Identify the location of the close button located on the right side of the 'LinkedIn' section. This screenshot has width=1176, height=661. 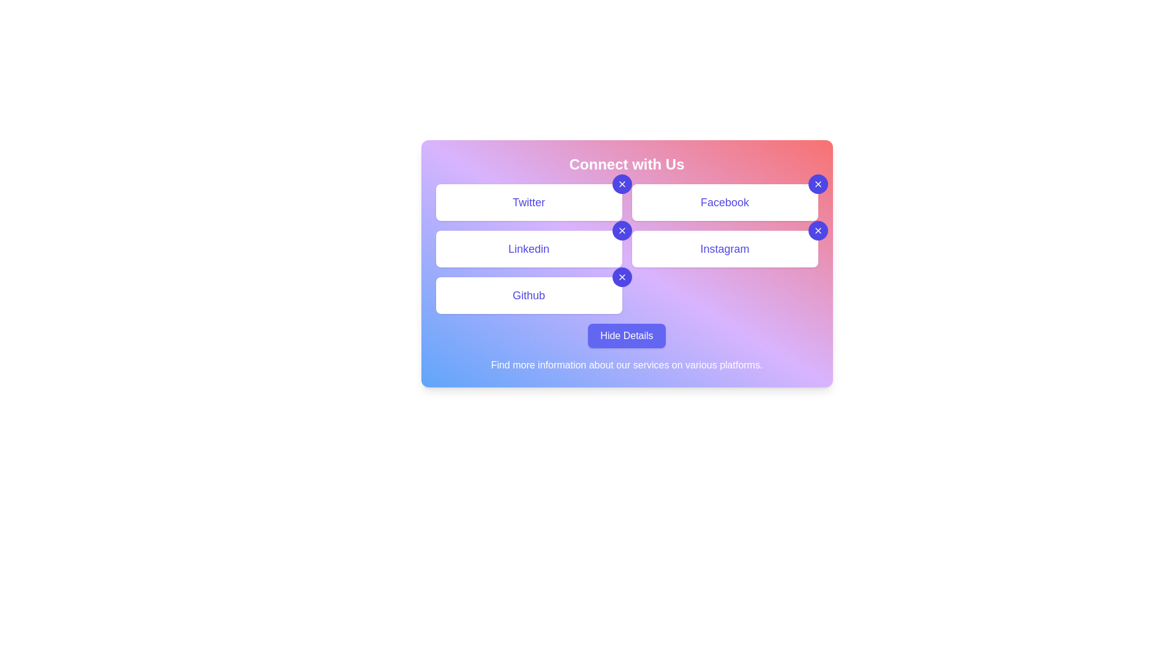
(622, 231).